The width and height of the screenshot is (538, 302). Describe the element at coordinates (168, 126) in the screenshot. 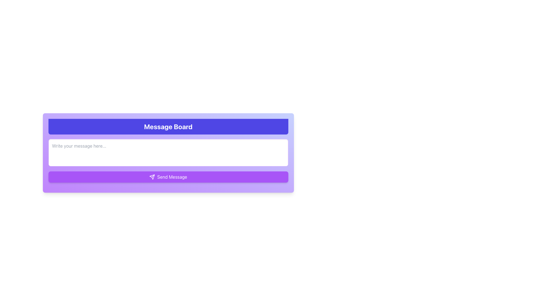

I see `the Title Header element, which is a blue bar with rounded corners containing the white text 'Message Board', positioned at the top of the panel` at that location.